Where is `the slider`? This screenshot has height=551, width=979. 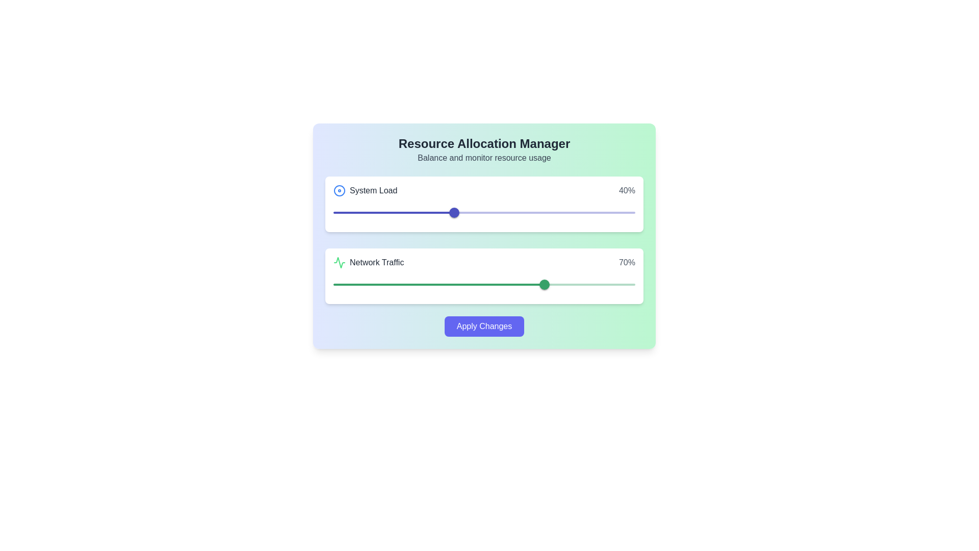 the slider is located at coordinates (485, 285).